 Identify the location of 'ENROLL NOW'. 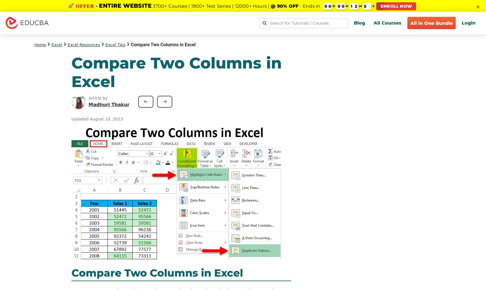
(396, 6).